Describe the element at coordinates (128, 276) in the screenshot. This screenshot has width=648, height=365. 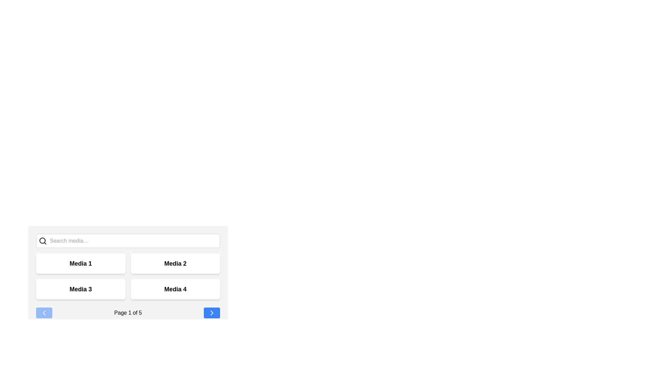
I see `the grid item labeled 'Media 3'` at that location.